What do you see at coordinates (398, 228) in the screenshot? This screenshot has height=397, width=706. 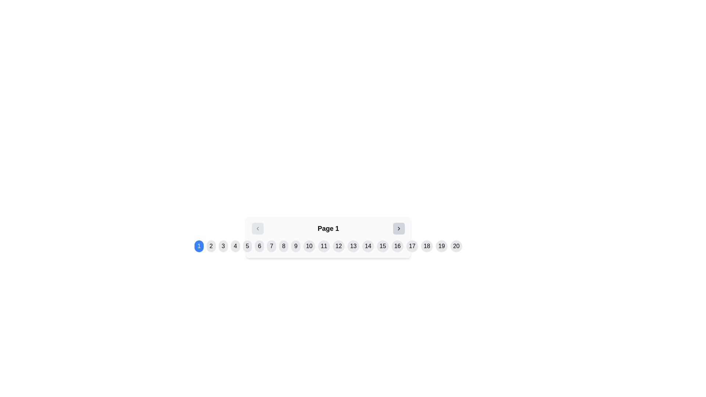 I see `the rightmost square button with a light gray background and a rightward-pointing chevron` at bounding box center [398, 228].